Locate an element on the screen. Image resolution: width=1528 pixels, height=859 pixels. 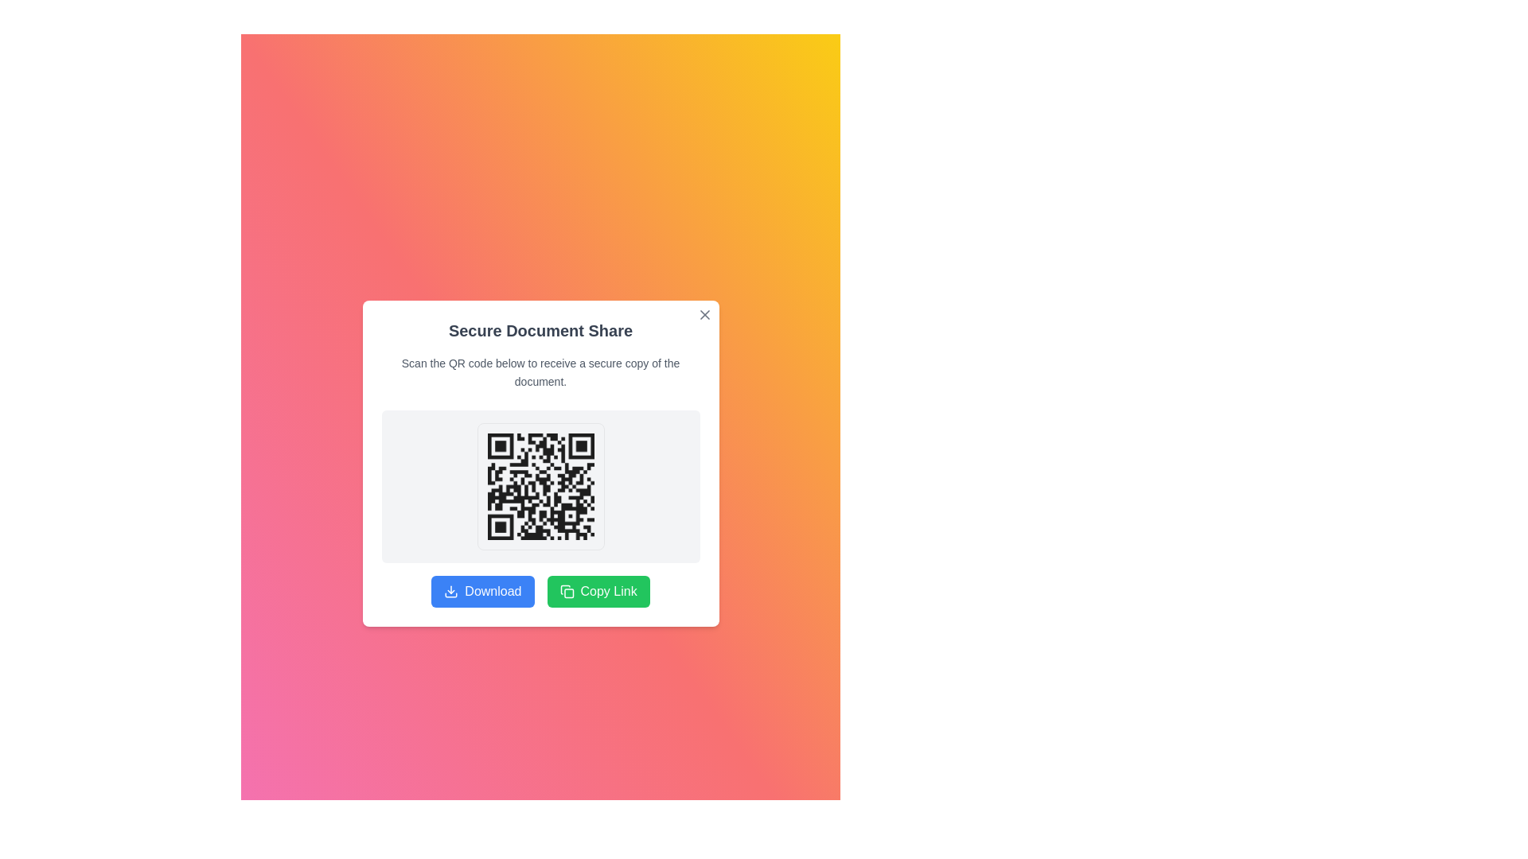
the icon composed of two overlapping rectangles representing the copying functionality, which is located within the green 'Copy Link' button at the bottom-right corner of the modal dialog is located at coordinates (567, 591).